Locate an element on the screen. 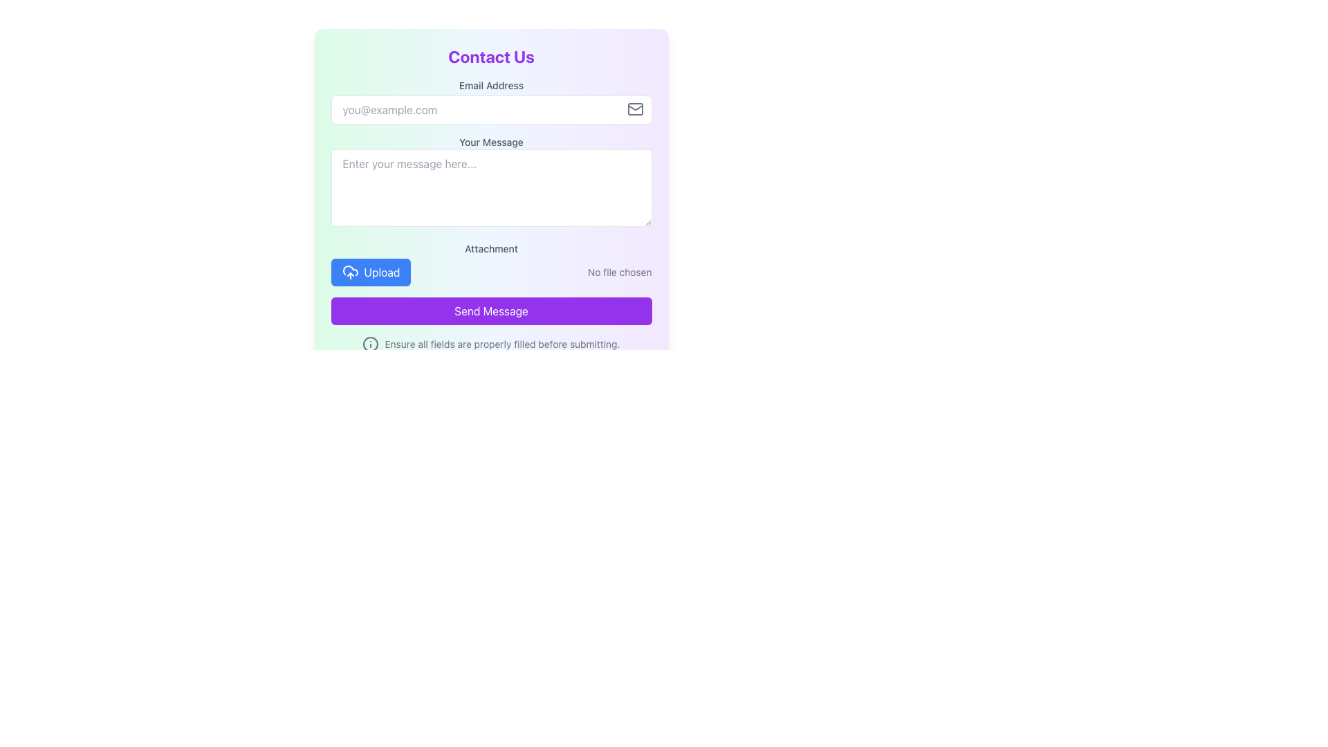 Image resolution: width=1328 pixels, height=747 pixels. the mail envelope icon located at the top-right corner of the 'Email Address' input field, which is a rectangular icon with a white body and rounded corners is located at coordinates (634, 109).